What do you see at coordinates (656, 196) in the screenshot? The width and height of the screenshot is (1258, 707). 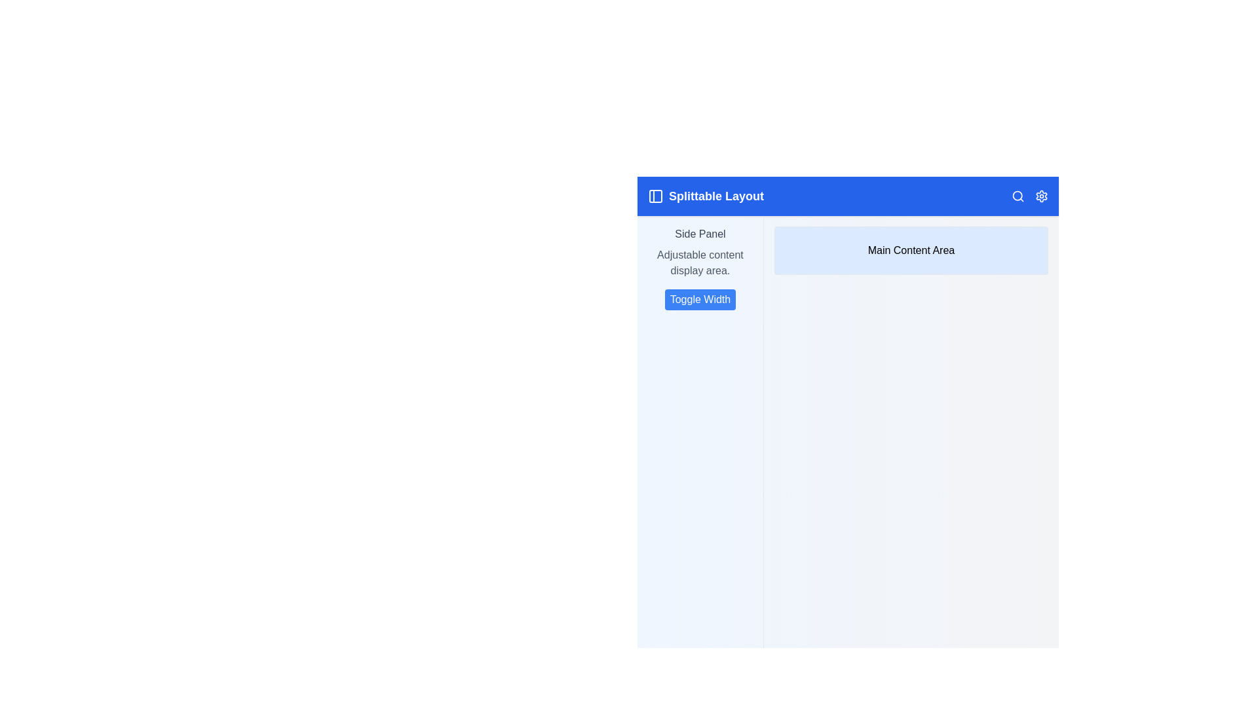 I see `the square-shaped icon with a blue outline and white fill located at the top-left of the blue navigation bar, left of the text 'Splittable Layout' to trigger the tooltip or visual effect` at bounding box center [656, 196].